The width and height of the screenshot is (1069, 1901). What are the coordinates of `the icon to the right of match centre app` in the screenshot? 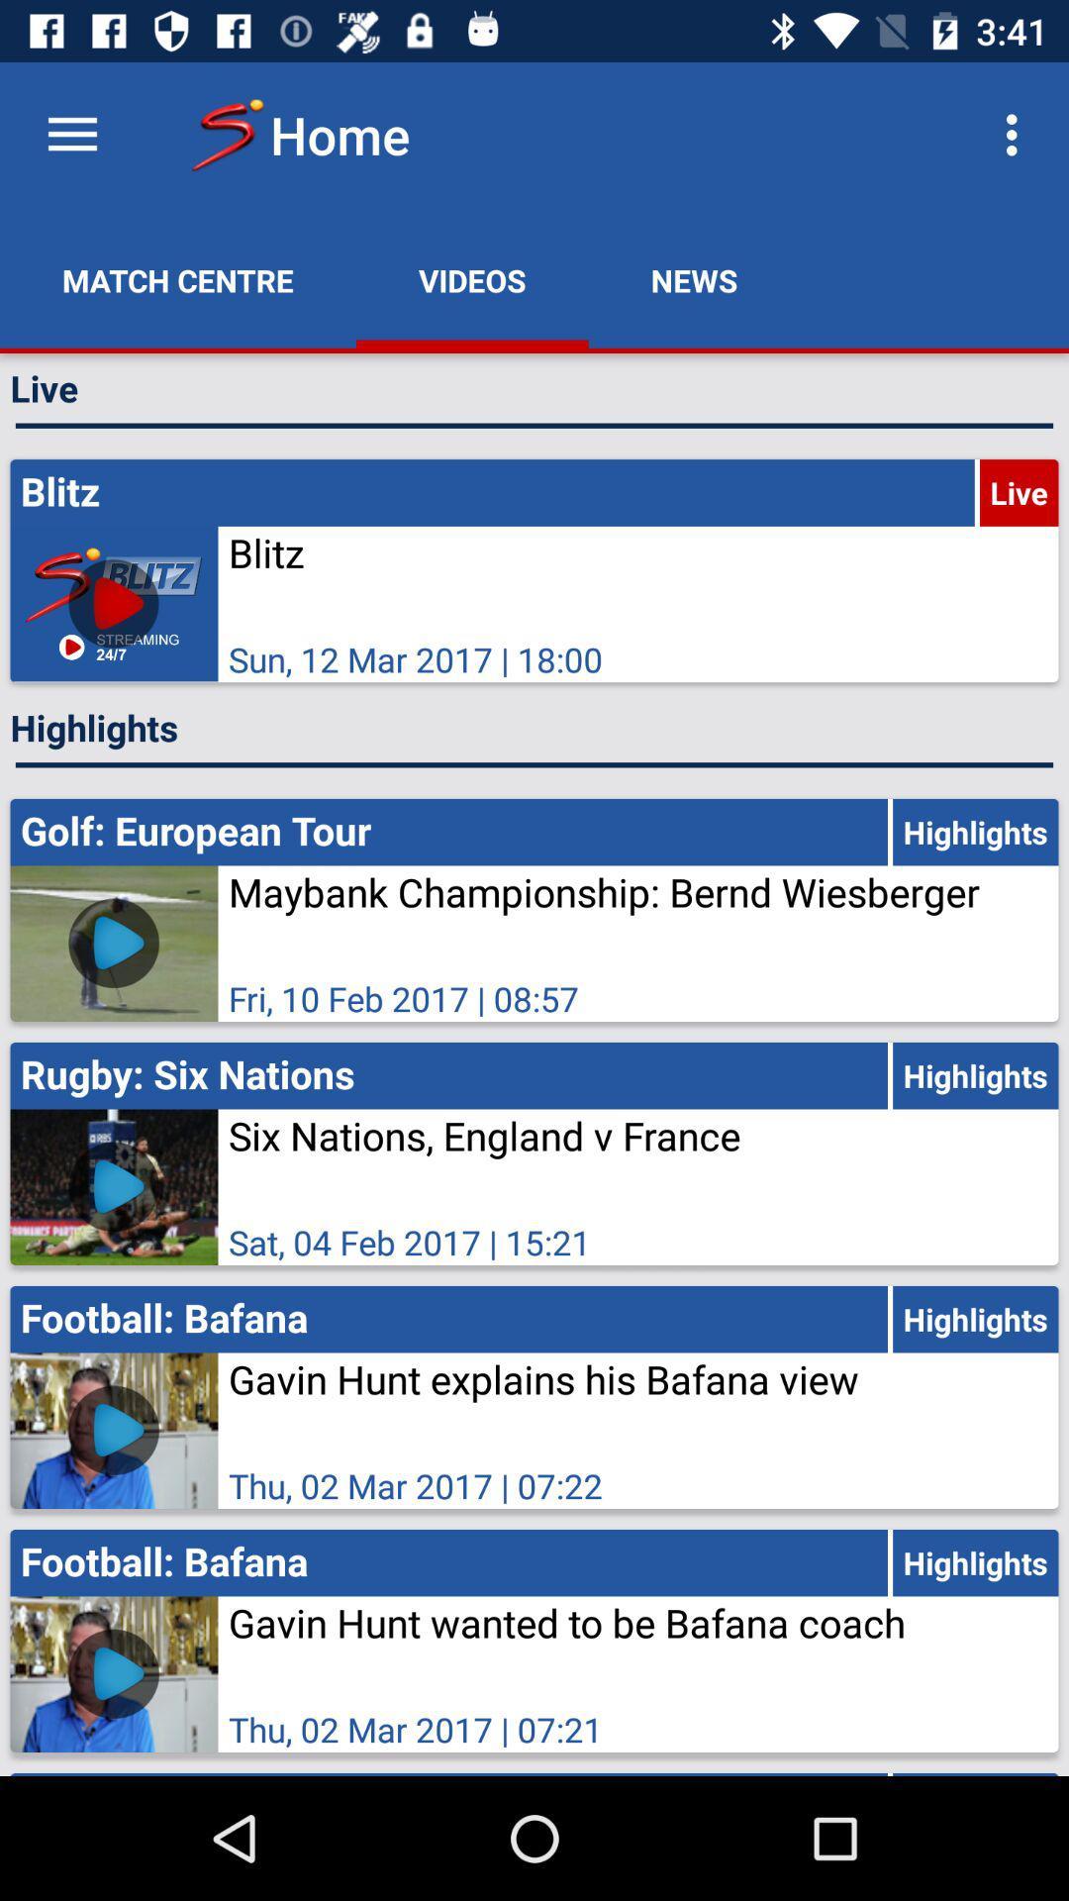 It's located at (472, 279).